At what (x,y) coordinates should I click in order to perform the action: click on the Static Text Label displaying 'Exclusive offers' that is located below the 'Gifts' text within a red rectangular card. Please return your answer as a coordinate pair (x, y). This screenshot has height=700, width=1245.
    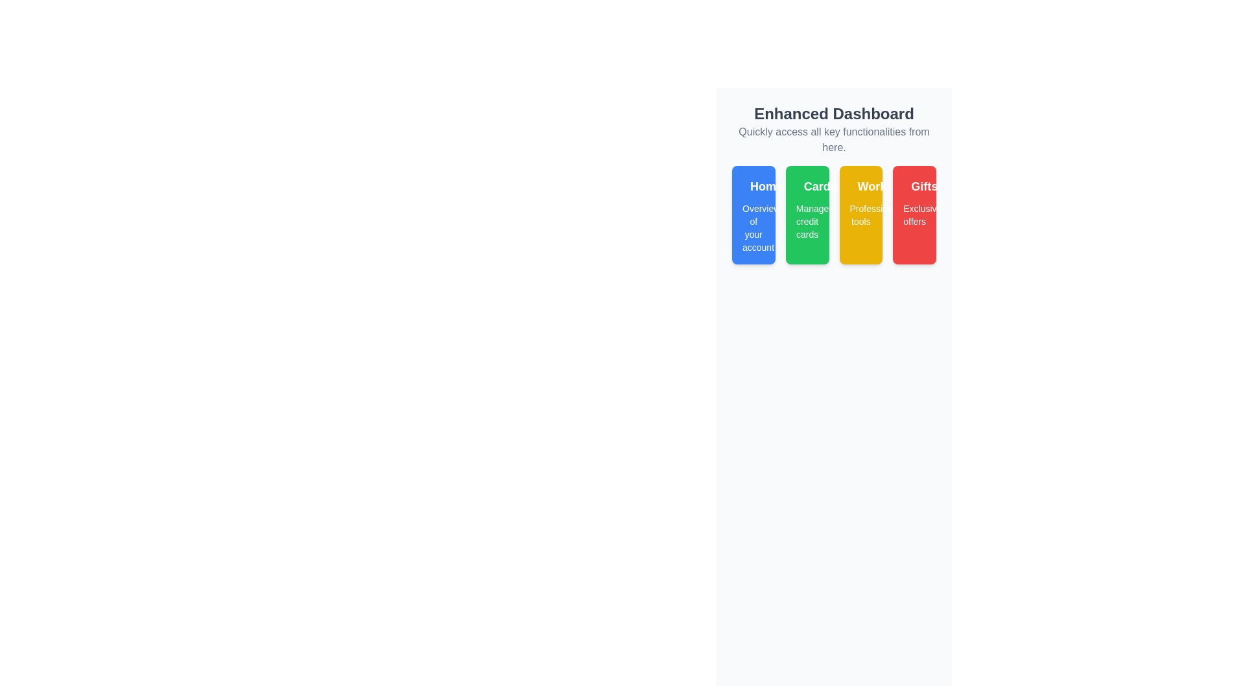
    Looking at the image, I should click on (914, 214).